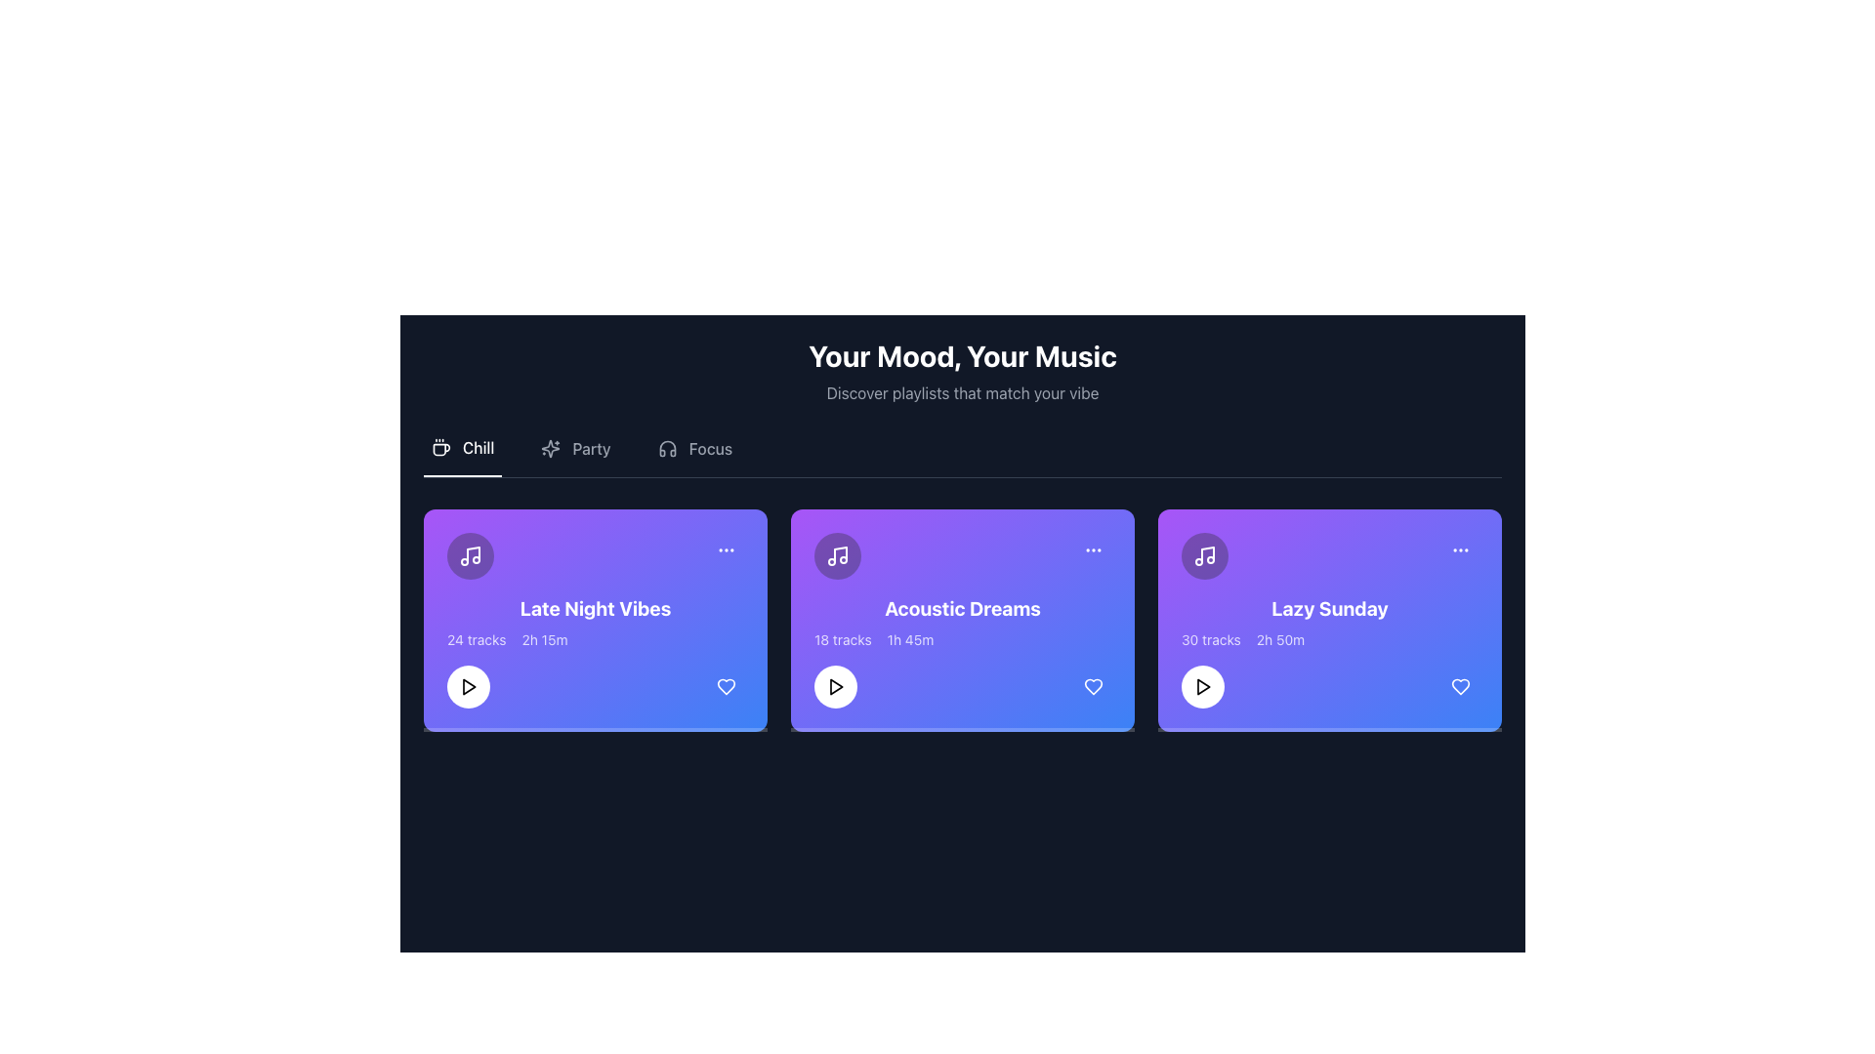 This screenshot has width=1875, height=1054. I want to click on the heart icon located at the lower-right corner of the 'Late Night Vibes' card, so click(726, 686).